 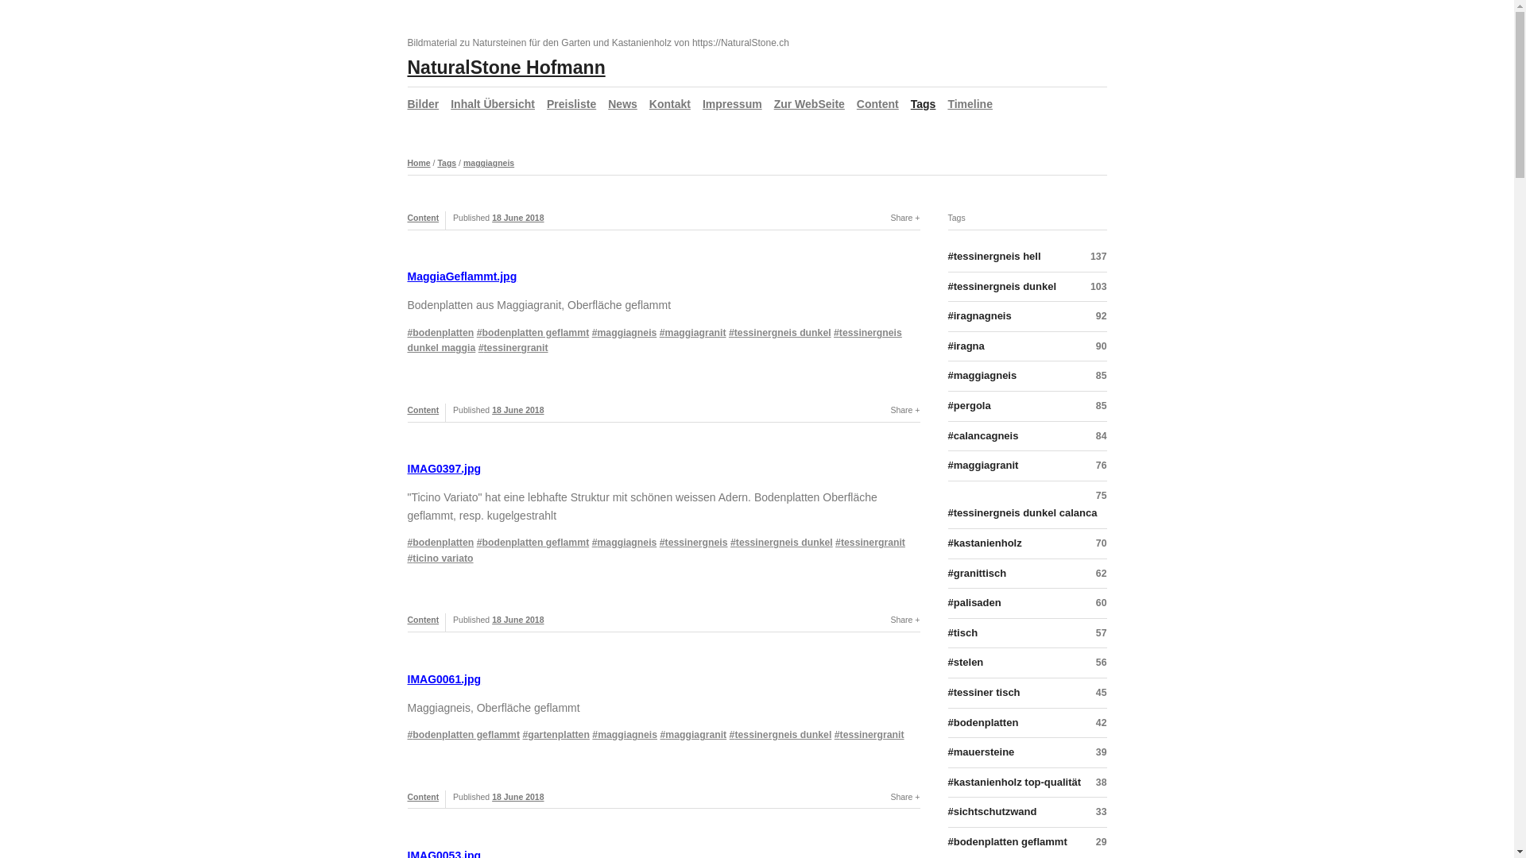 What do you see at coordinates (1026, 633) in the screenshot?
I see `'57` at bounding box center [1026, 633].